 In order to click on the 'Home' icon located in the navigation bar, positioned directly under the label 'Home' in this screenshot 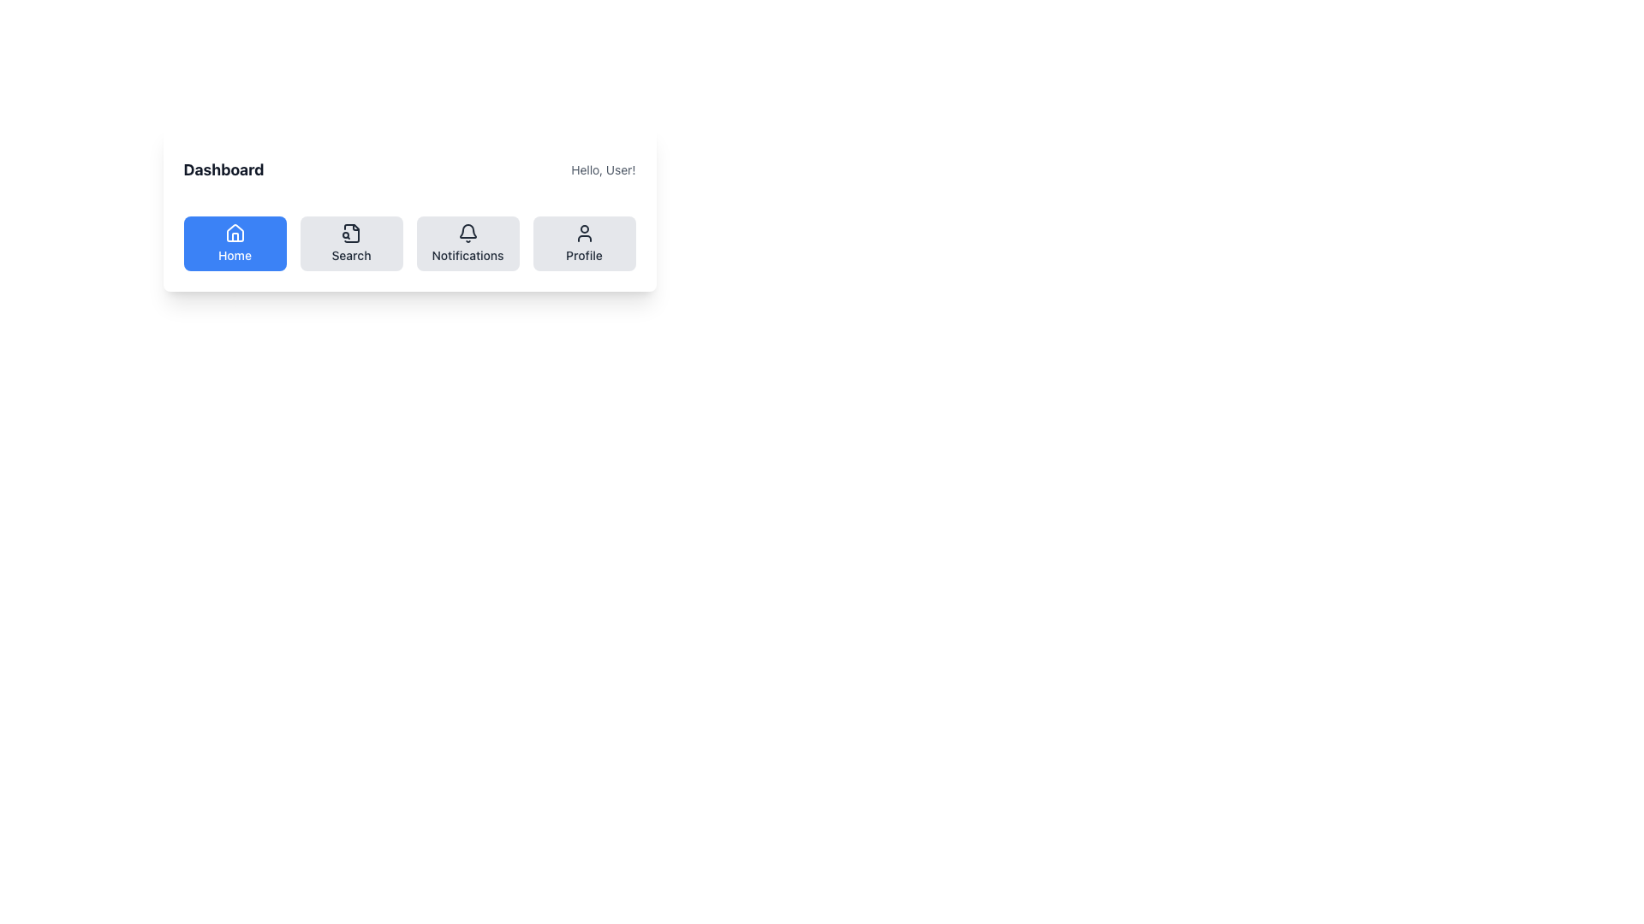, I will do `click(234, 233)`.